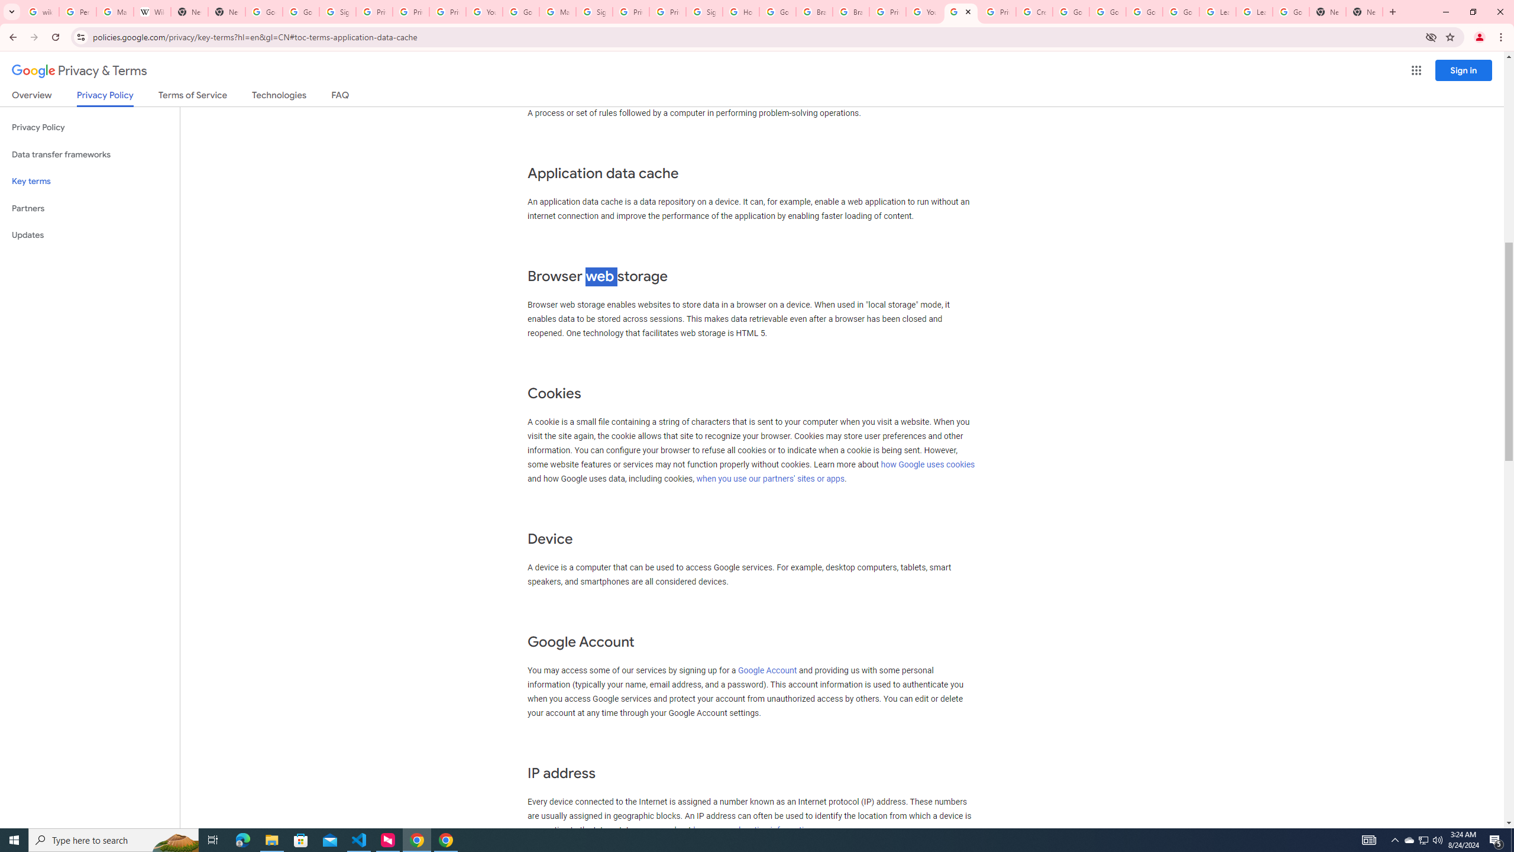  Describe the element at coordinates (1070, 11) in the screenshot. I see `'Google Account Help'` at that location.